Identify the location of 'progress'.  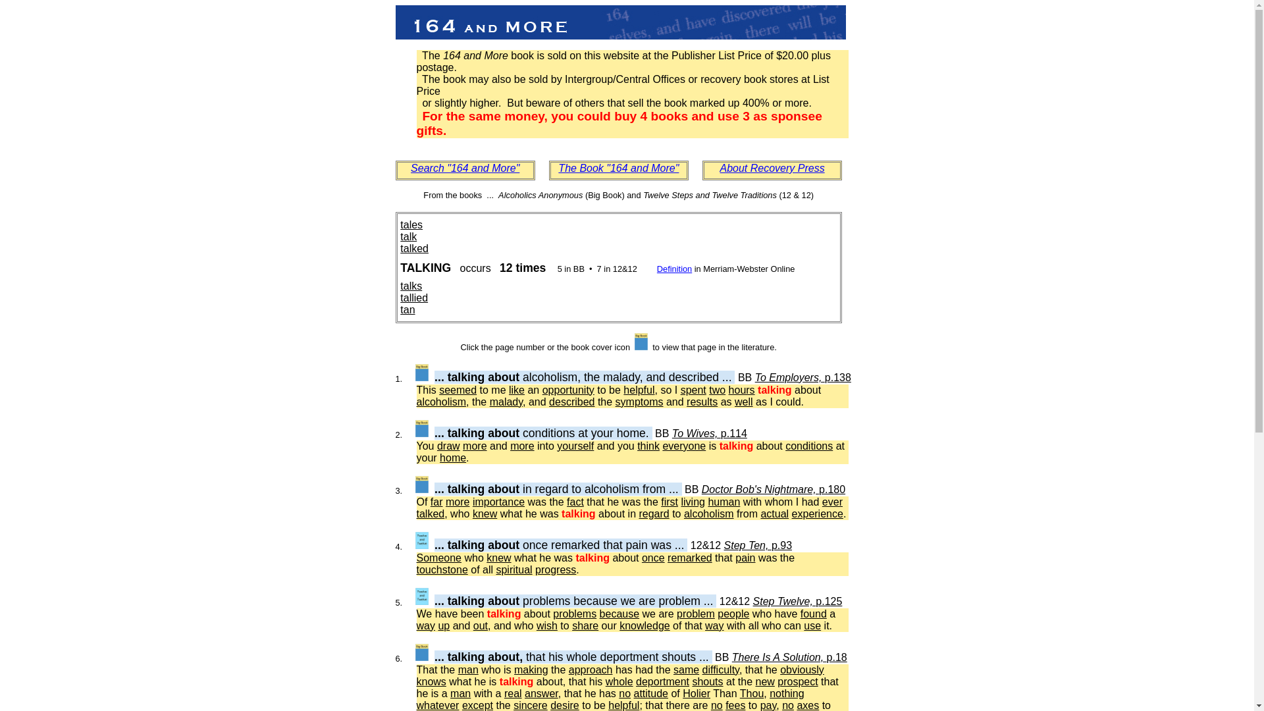
(556, 569).